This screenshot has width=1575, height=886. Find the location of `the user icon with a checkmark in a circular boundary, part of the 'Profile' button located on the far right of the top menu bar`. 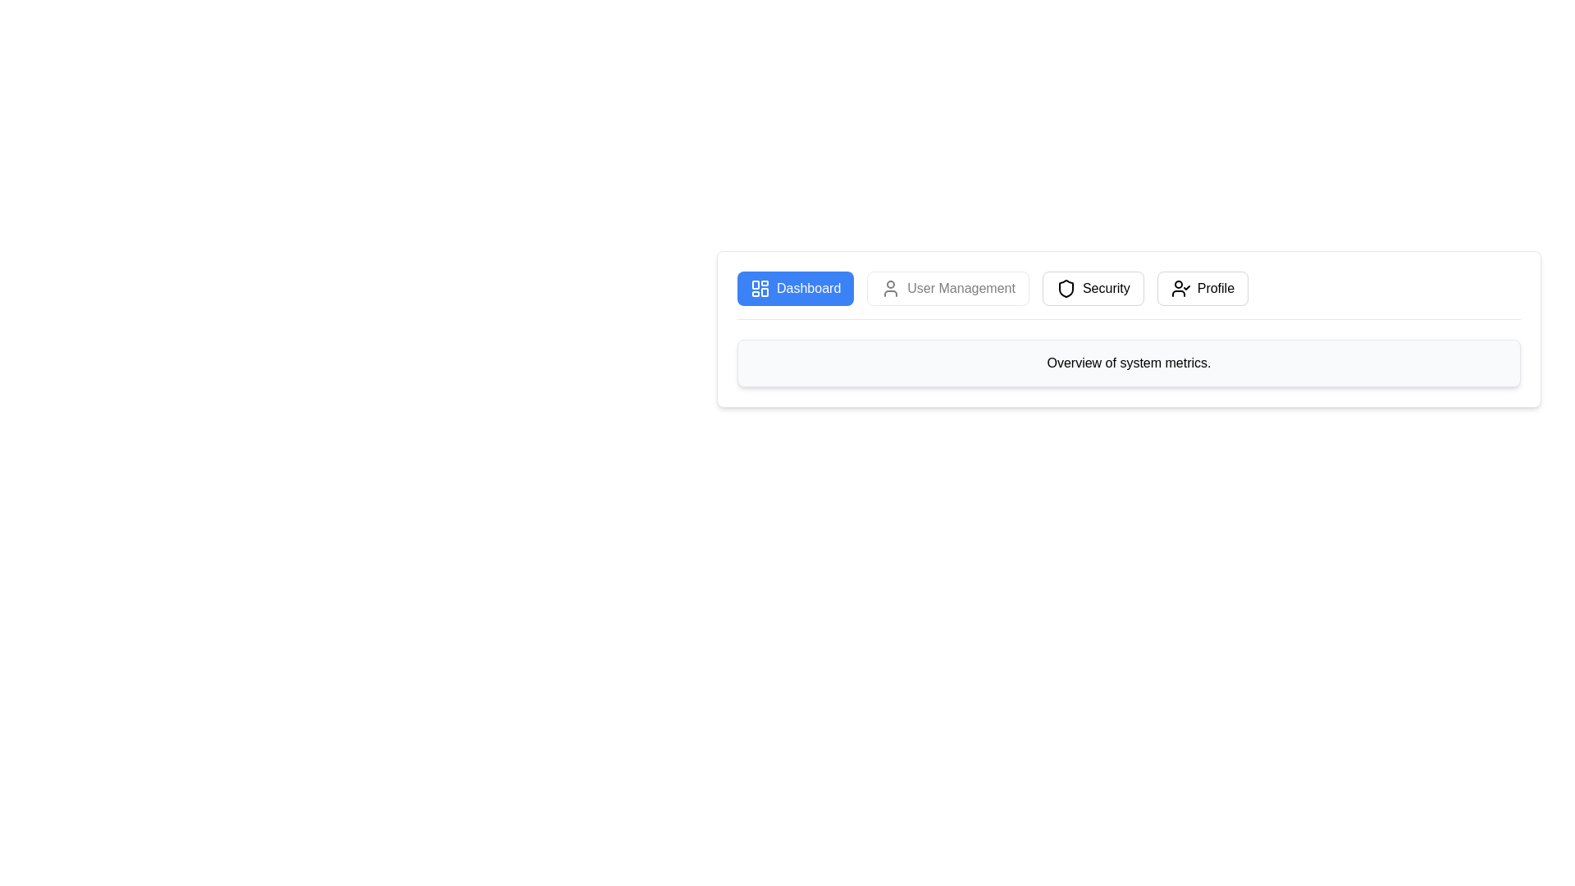

the user icon with a checkmark in a circular boundary, part of the 'Profile' button located on the far right of the top menu bar is located at coordinates (1180, 287).